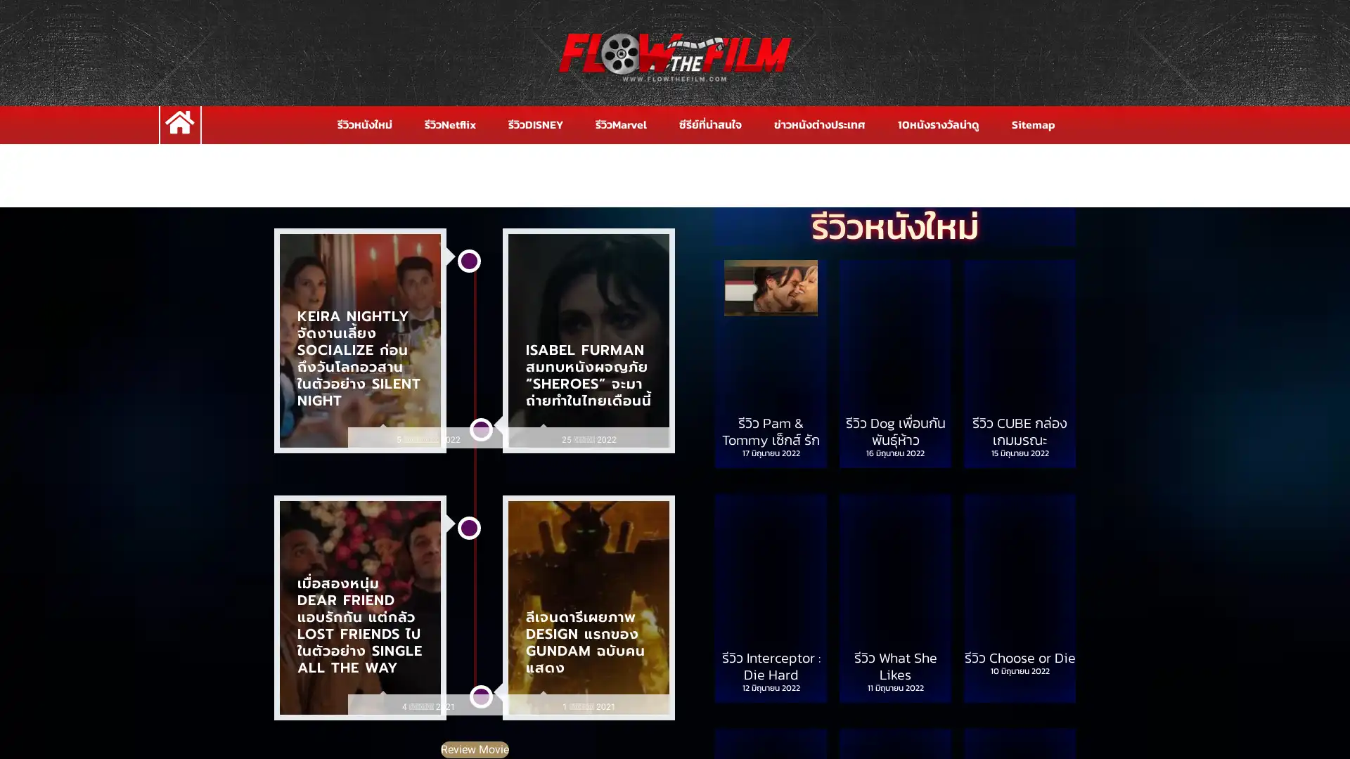  What do you see at coordinates (474, 748) in the screenshot?
I see `Review Movie` at bounding box center [474, 748].